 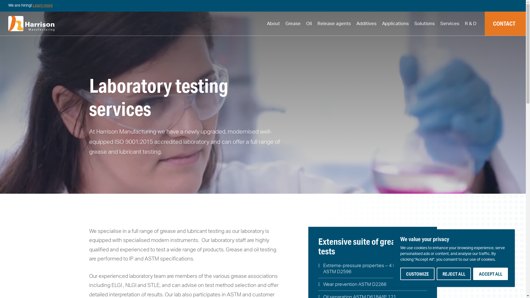 I want to click on 'CONTACT', so click(x=484, y=23).